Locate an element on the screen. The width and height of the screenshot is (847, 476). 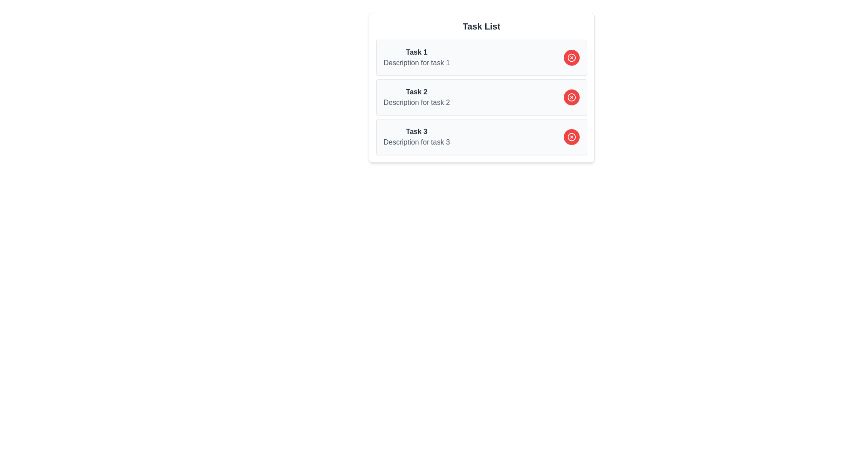
the label reading 'Description for task 3', which is located beneath the 'Task 3' label in the bottom-right quadrant of the interface is located at coordinates (416, 142).